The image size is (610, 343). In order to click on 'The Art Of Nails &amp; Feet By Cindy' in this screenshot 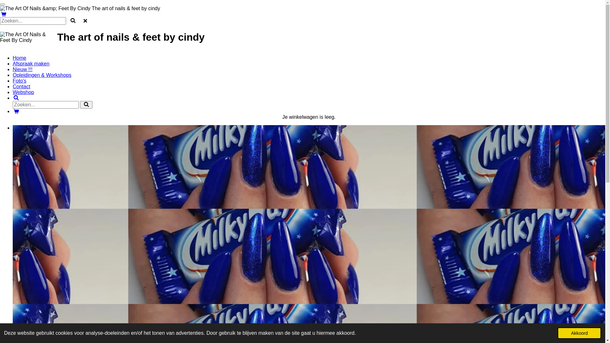, I will do `click(45, 9)`.